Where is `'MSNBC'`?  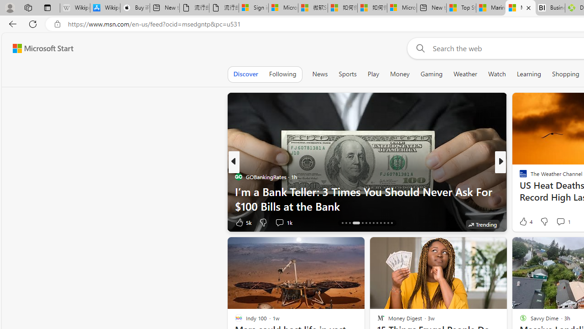 'MSNBC' is located at coordinates (519, 177).